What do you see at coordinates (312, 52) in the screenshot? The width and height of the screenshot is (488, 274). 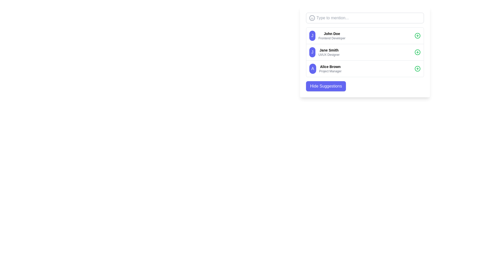 I see `the Avatar button representing 'Jane Smith' located in the top-right section of the layout for further actions` at bounding box center [312, 52].